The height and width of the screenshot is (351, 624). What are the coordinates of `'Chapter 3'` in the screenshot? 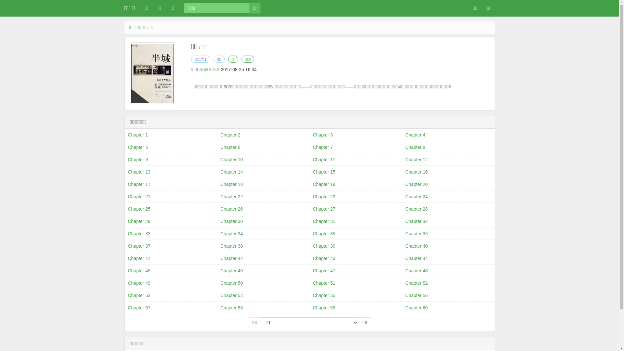 It's located at (312, 135).